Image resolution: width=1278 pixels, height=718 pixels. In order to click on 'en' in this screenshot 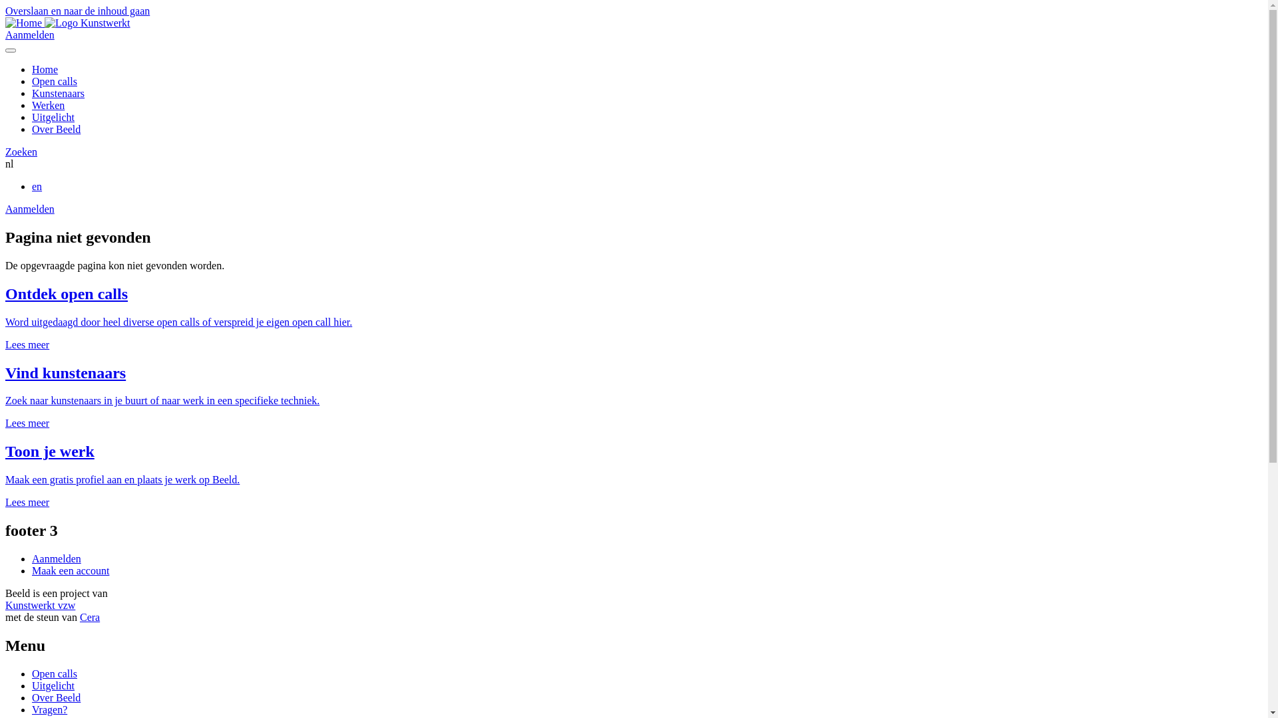, I will do `click(37, 186)`.